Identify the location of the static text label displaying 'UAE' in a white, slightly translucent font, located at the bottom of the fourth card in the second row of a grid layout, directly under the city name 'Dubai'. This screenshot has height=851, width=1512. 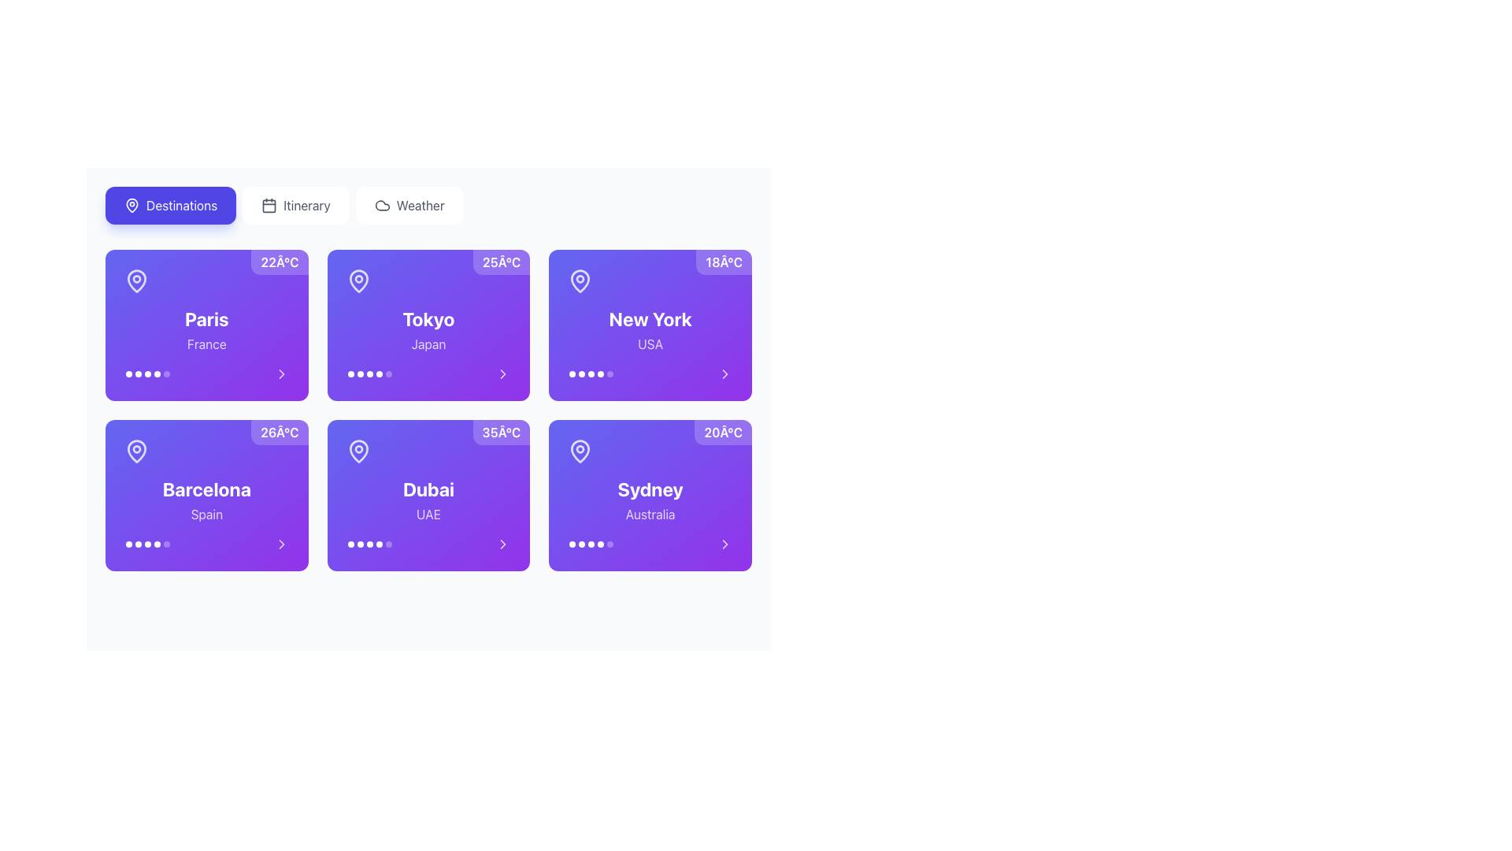
(428, 514).